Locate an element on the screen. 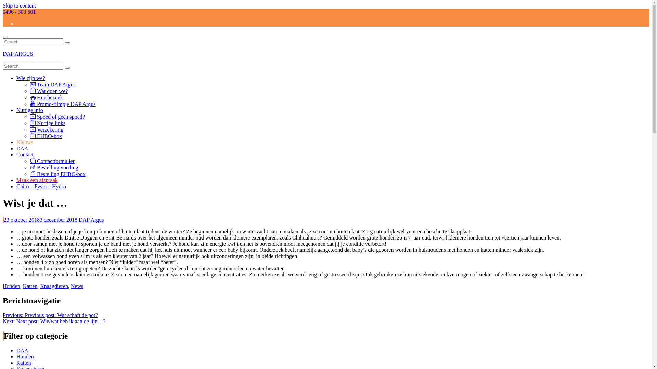 This screenshot has height=369, width=657. 'Nieuws' is located at coordinates (25, 142).